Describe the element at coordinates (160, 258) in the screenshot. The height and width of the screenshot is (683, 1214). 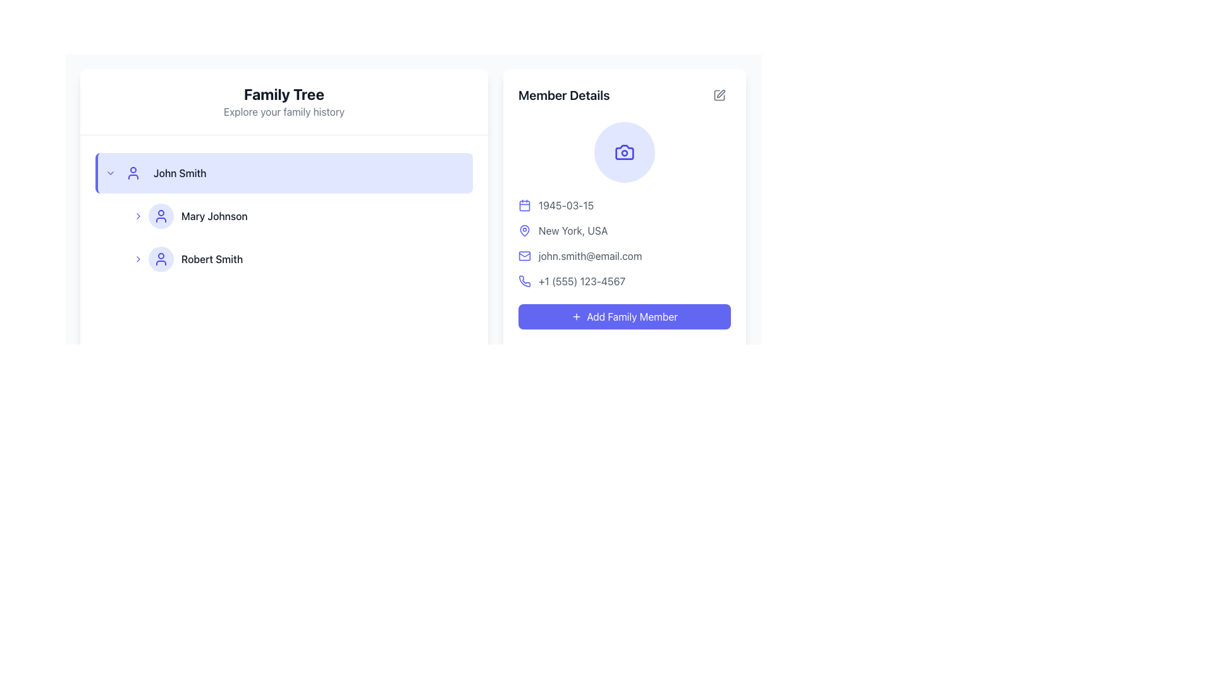
I see `the user profile icon for 'Robert Smith', which is located in the left sidebar, aligned with the text to its right and positioned at the bottom of the list items` at that location.